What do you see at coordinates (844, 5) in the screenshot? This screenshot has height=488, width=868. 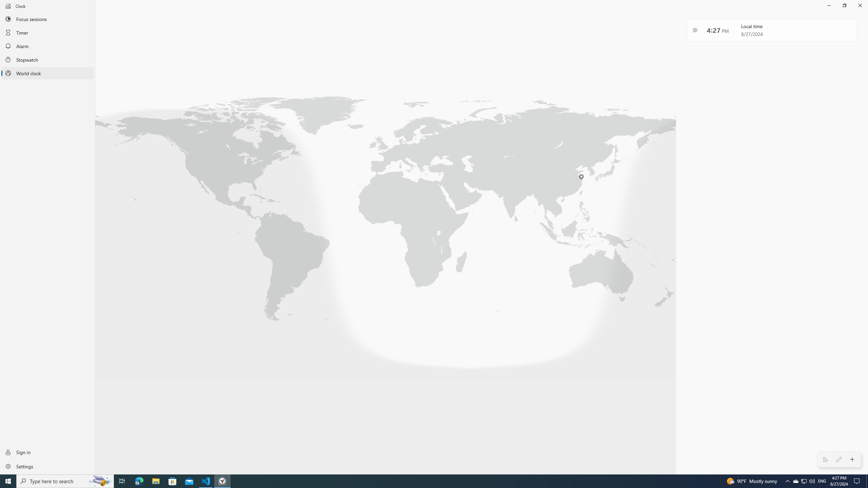 I see `'Restore Clock'` at bounding box center [844, 5].